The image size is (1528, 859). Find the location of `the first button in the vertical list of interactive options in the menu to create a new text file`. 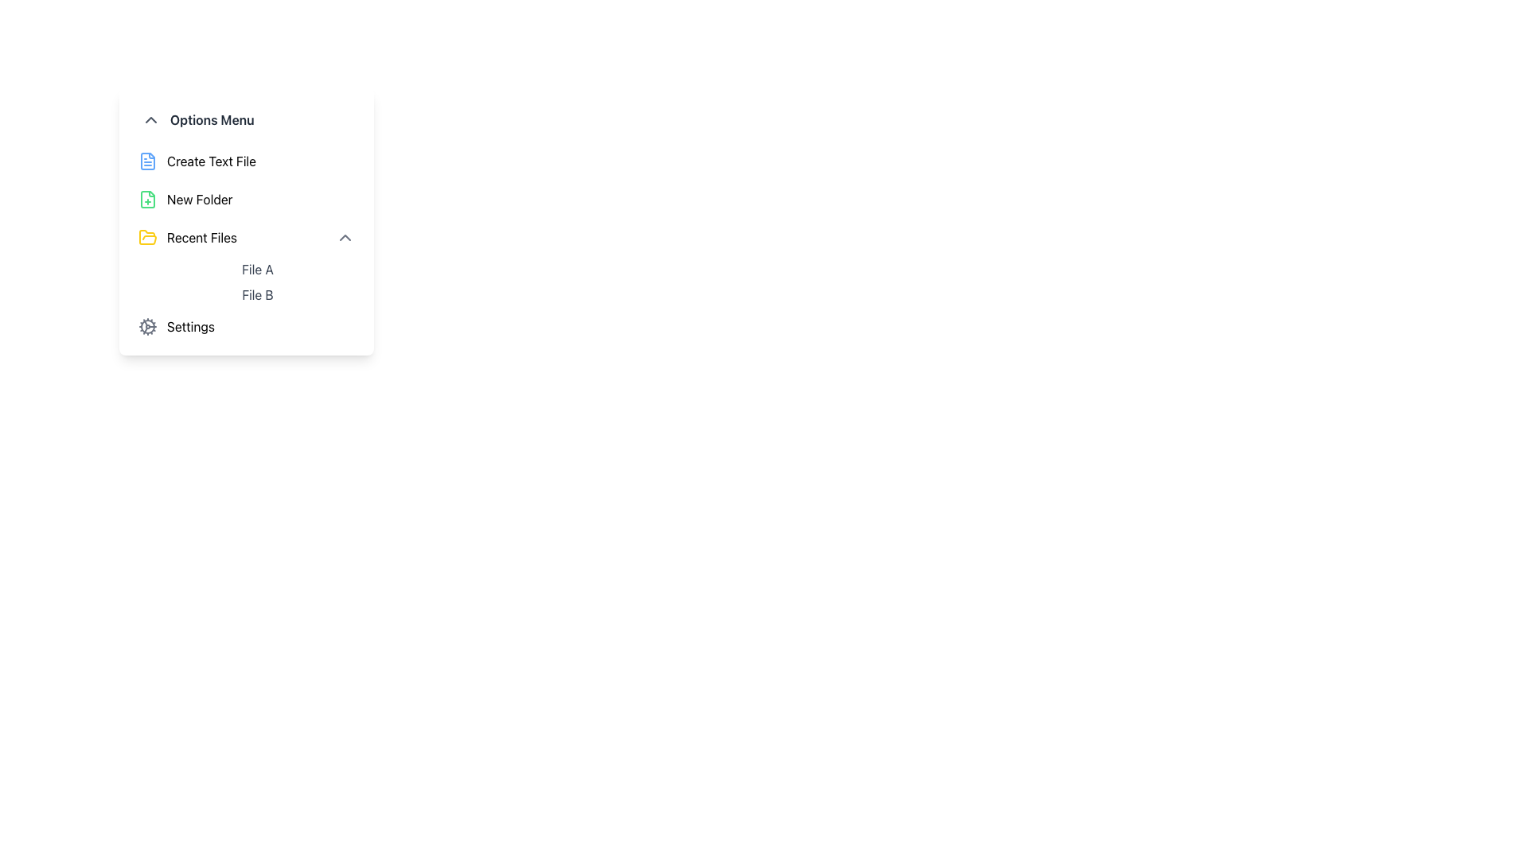

the first button in the vertical list of interactive options in the menu to create a new text file is located at coordinates (246, 161).